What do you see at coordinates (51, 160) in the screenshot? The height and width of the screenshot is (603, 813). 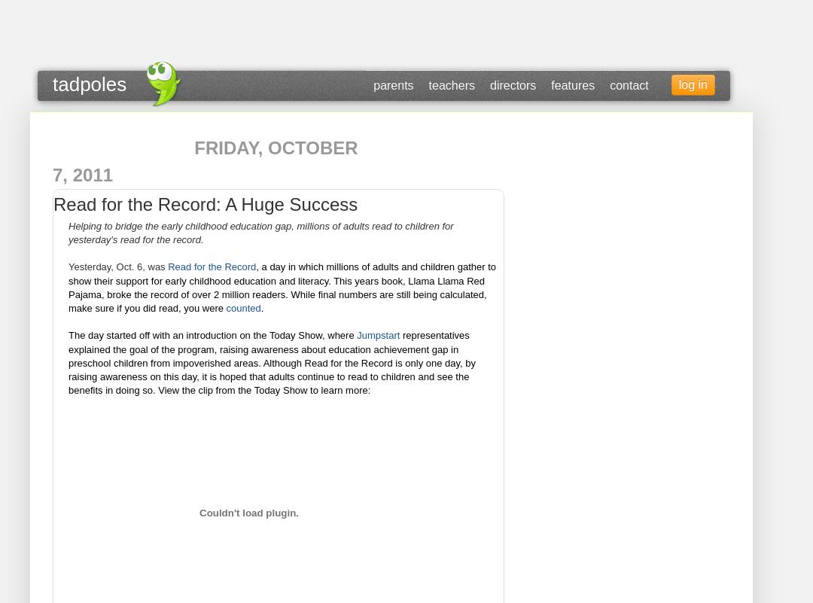 I see `'Friday, October 7, 2011'` at bounding box center [51, 160].